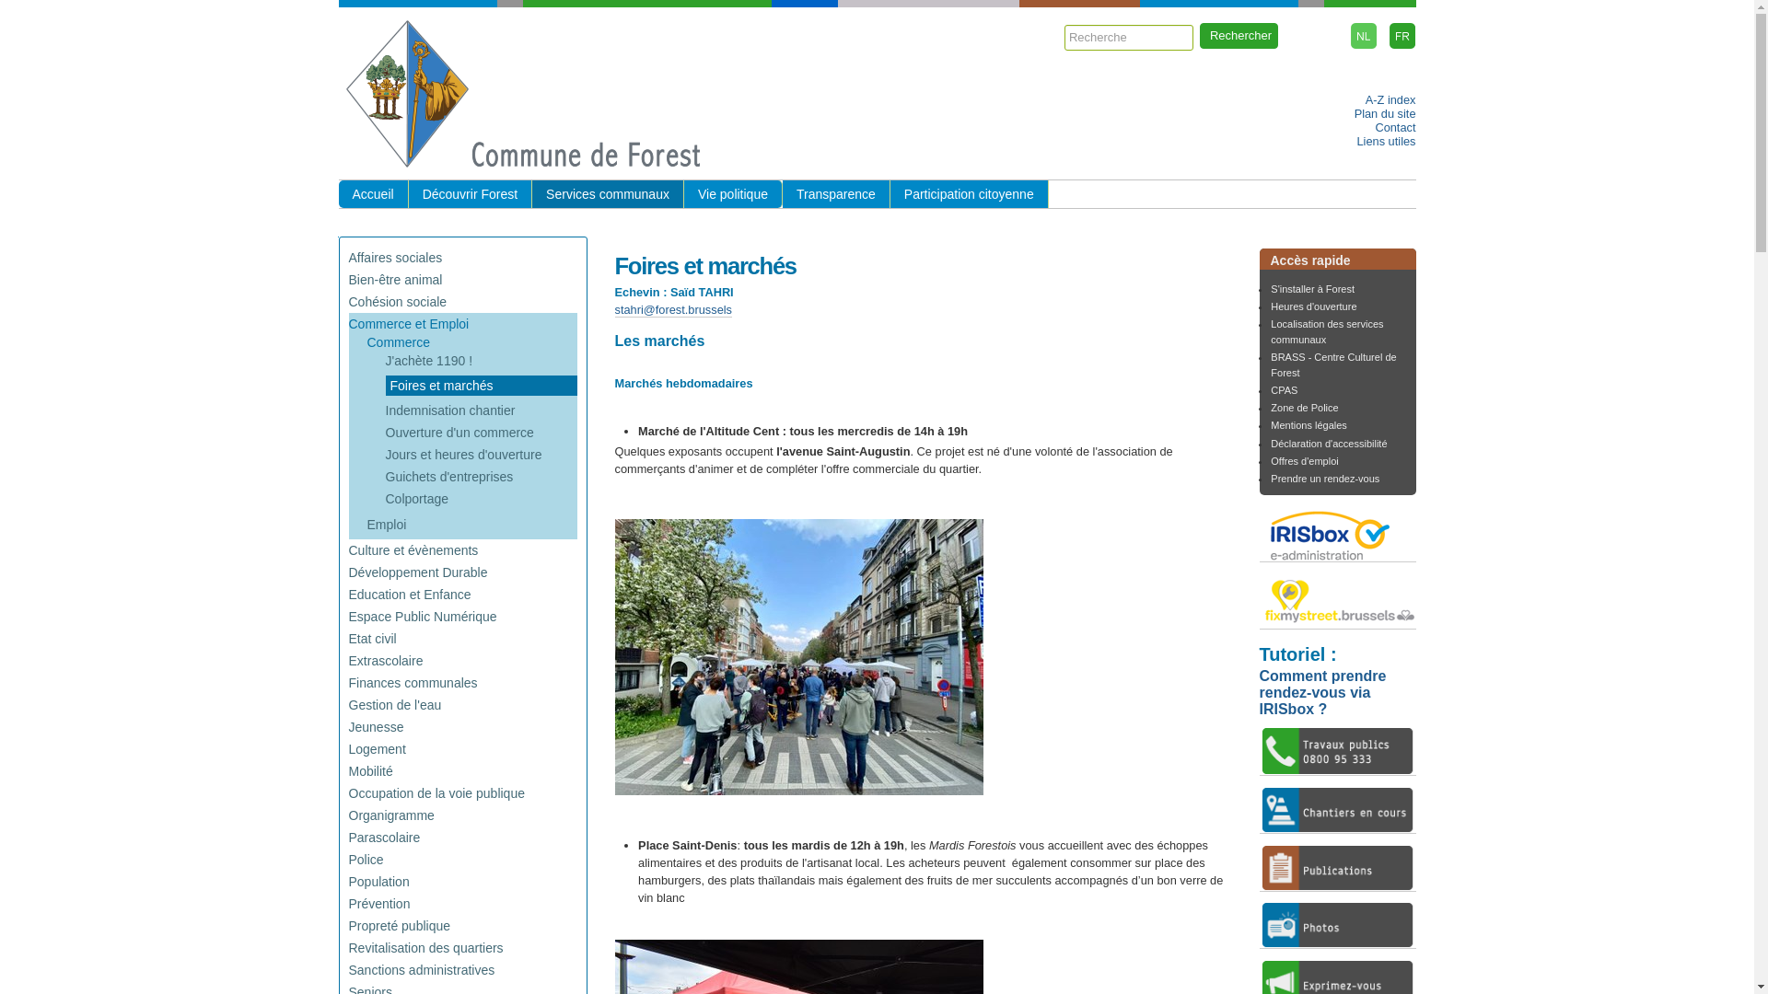 The image size is (1768, 994). Describe the element at coordinates (1338, 600) in the screenshot. I see `'fixmystreet'` at that location.